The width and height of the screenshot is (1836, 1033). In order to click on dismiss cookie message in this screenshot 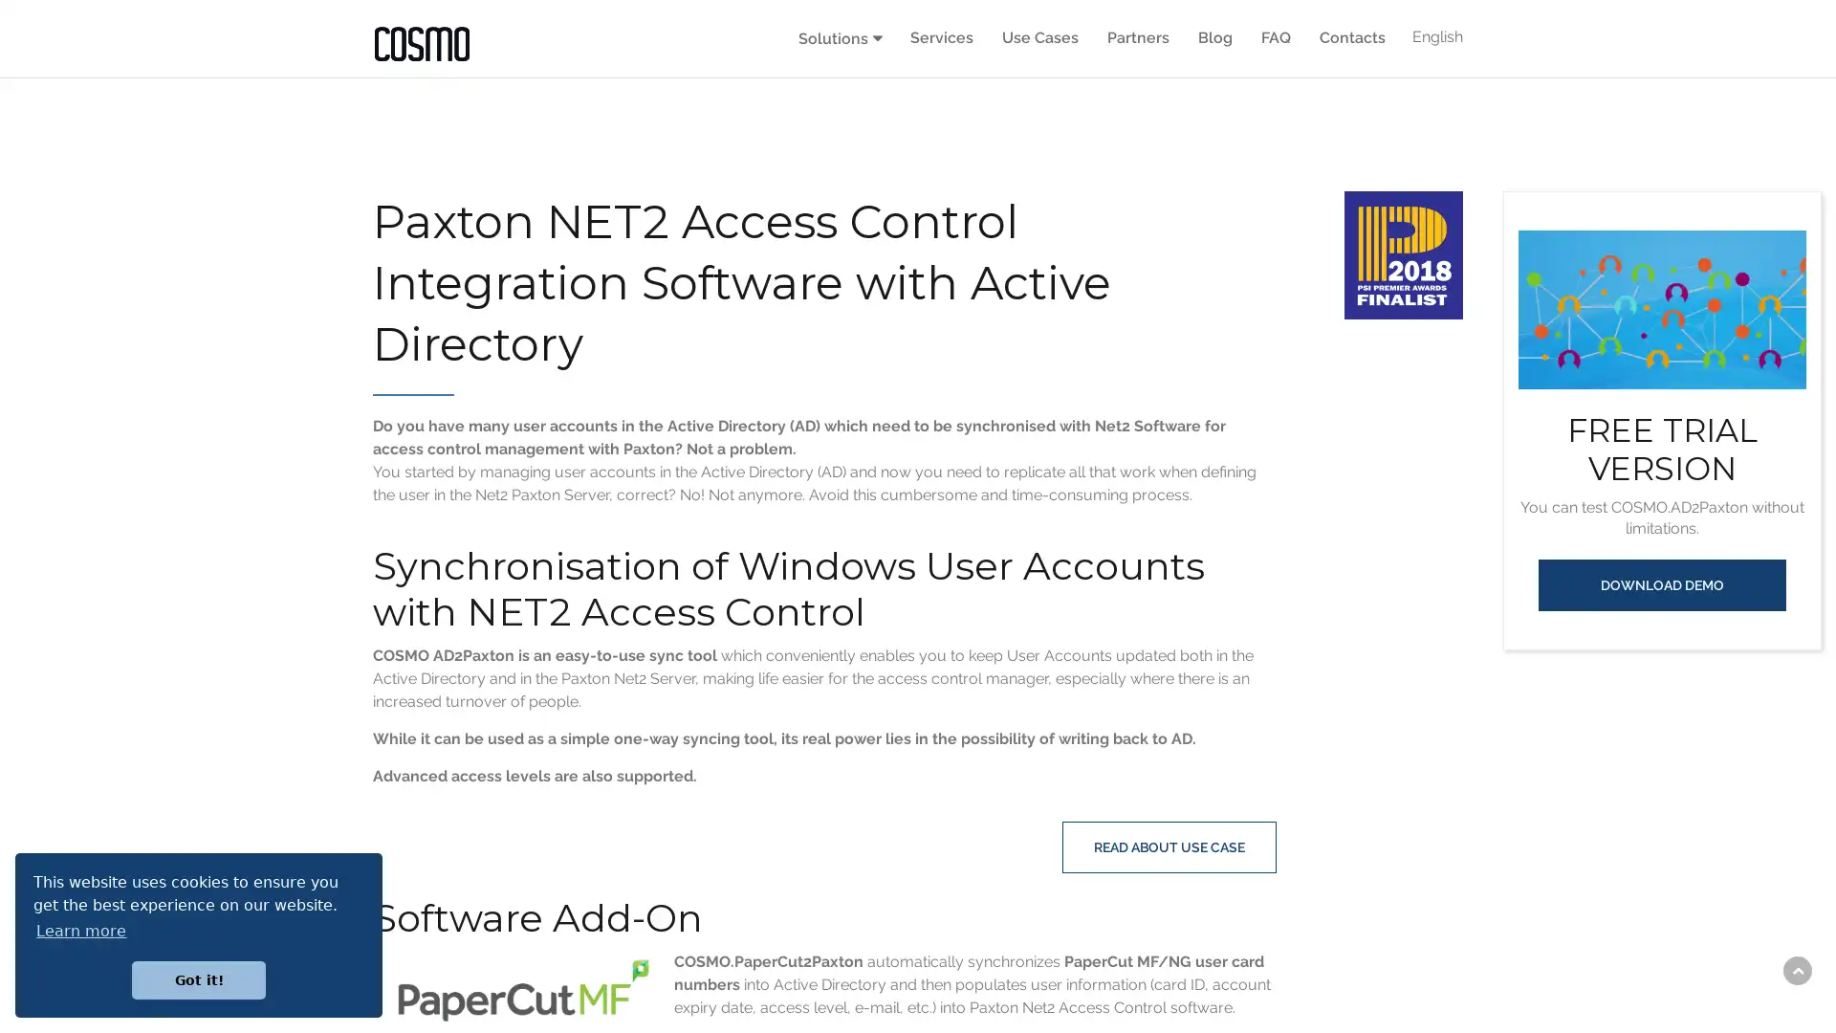, I will do `click(198, 979)`.